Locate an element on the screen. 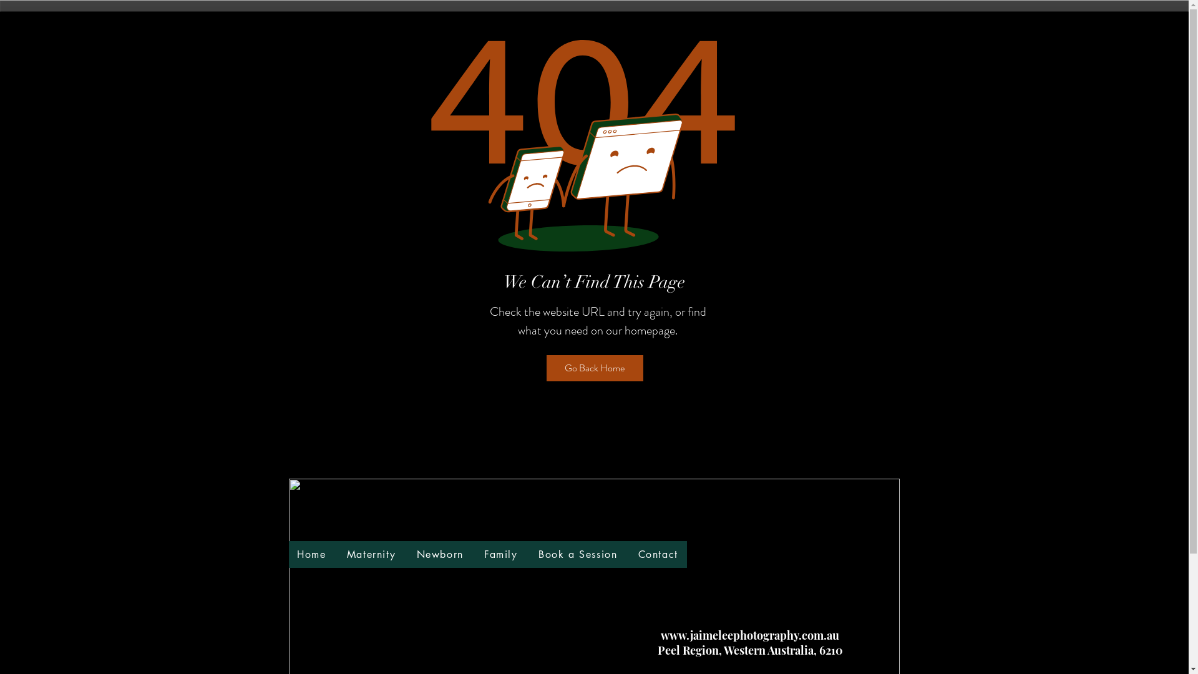  'Home' is located at coordinates (311, 554).